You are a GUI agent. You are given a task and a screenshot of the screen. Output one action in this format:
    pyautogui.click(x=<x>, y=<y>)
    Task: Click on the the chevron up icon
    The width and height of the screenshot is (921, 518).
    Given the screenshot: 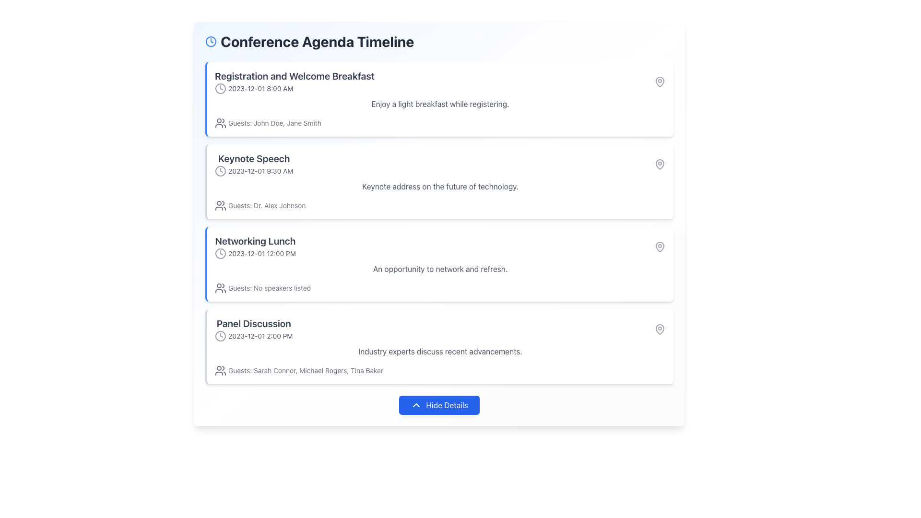 What is the action you would take?
    pyautogui.click(x=416, y=405)
    